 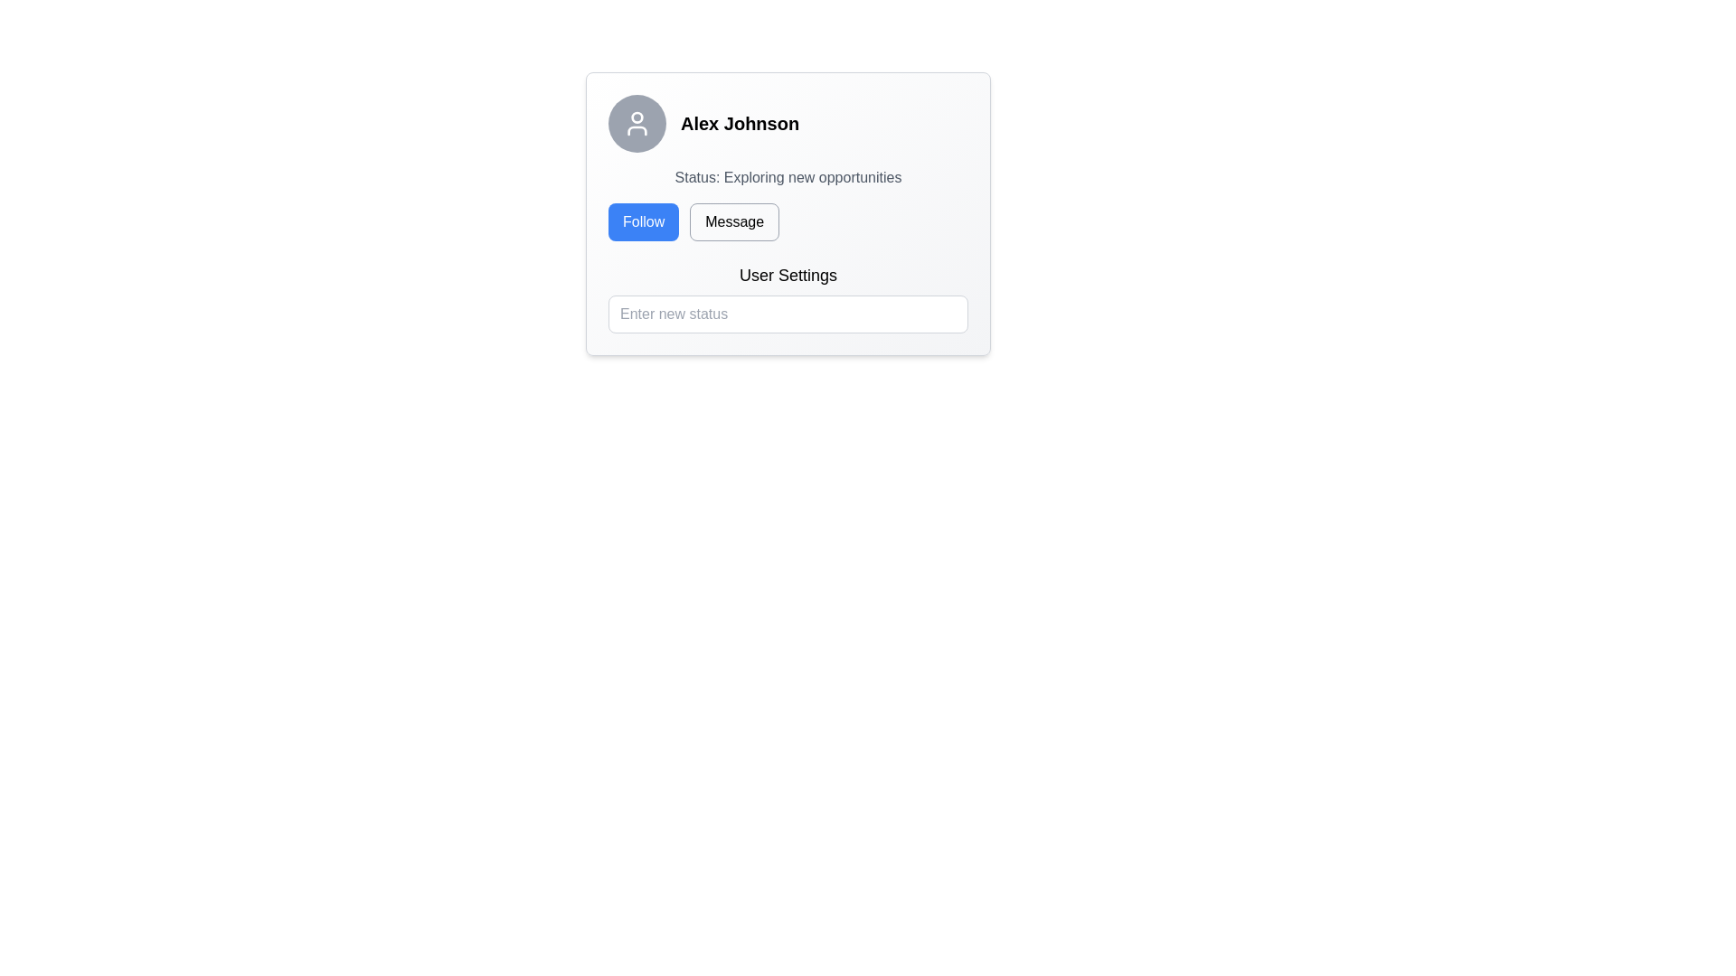 I want to click on the Text Label displaying 'Status: Exploring new opportunities', which is located below 'Alex Johnson' and above the 'Follow' and 'Message' buttons, so click(x=788, y=177).